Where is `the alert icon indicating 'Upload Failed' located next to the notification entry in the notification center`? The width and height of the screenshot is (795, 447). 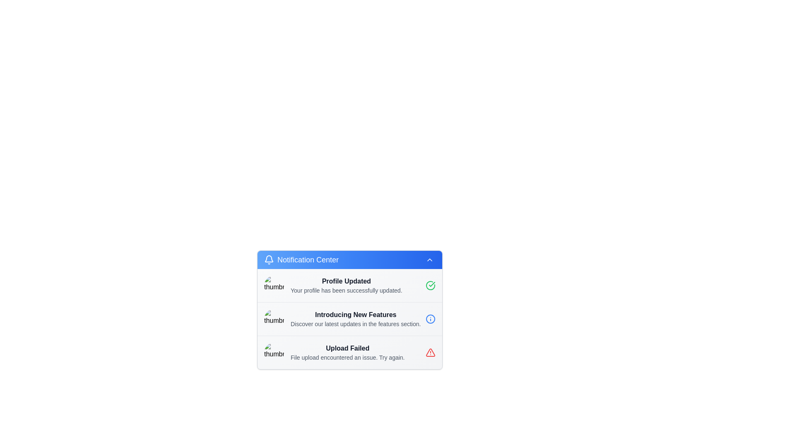 the alert icon indicating 'Upload Failed' located next to the notification entry in the notification center is located at coordinates (431, 353).